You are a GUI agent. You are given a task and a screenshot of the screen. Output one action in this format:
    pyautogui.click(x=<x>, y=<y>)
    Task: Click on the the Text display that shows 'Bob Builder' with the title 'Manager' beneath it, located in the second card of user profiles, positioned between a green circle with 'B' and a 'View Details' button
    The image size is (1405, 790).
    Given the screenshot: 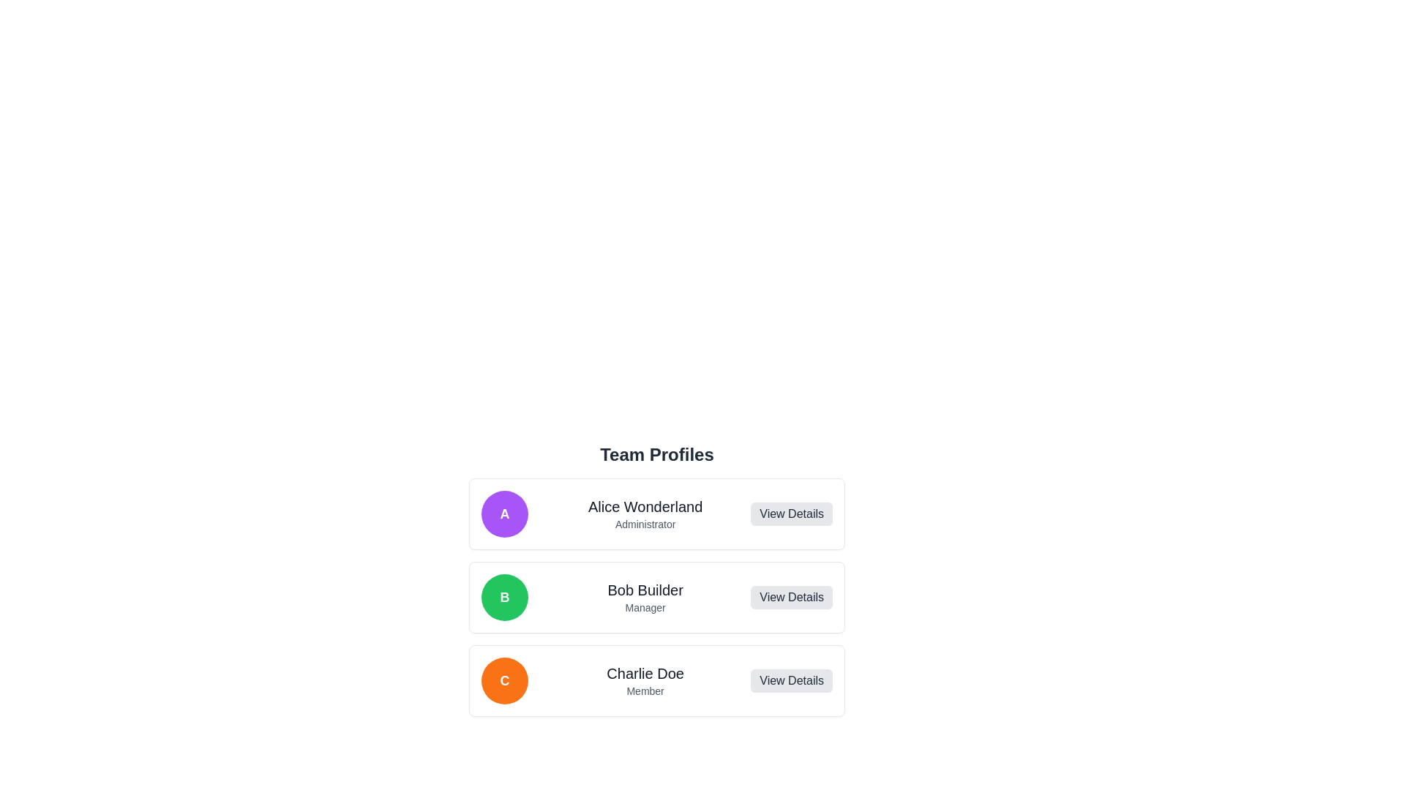 What is the action you would take?
    pyautogui.click(x=645, y=598)
    